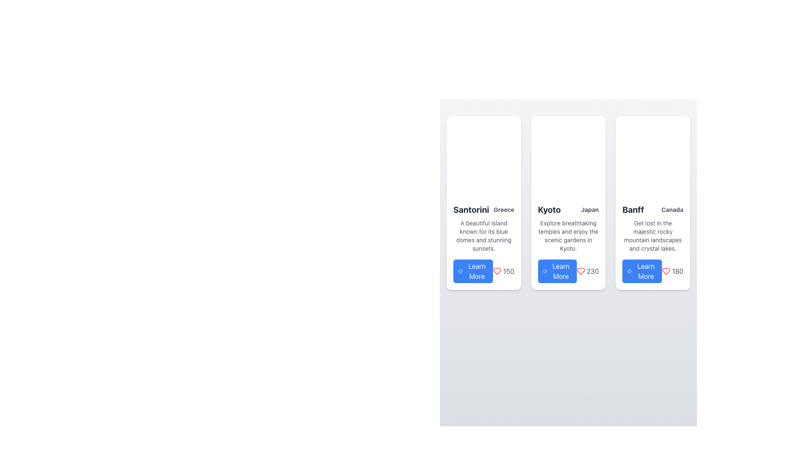 This screenshot has height=455, width=809. Describe the element at coordinates (630, 271) in the screenshot. I see `the information icon with a blue circular outline and 'i' symbol, located to the left of the 'Learn More' text in the third card from the left` at that location.